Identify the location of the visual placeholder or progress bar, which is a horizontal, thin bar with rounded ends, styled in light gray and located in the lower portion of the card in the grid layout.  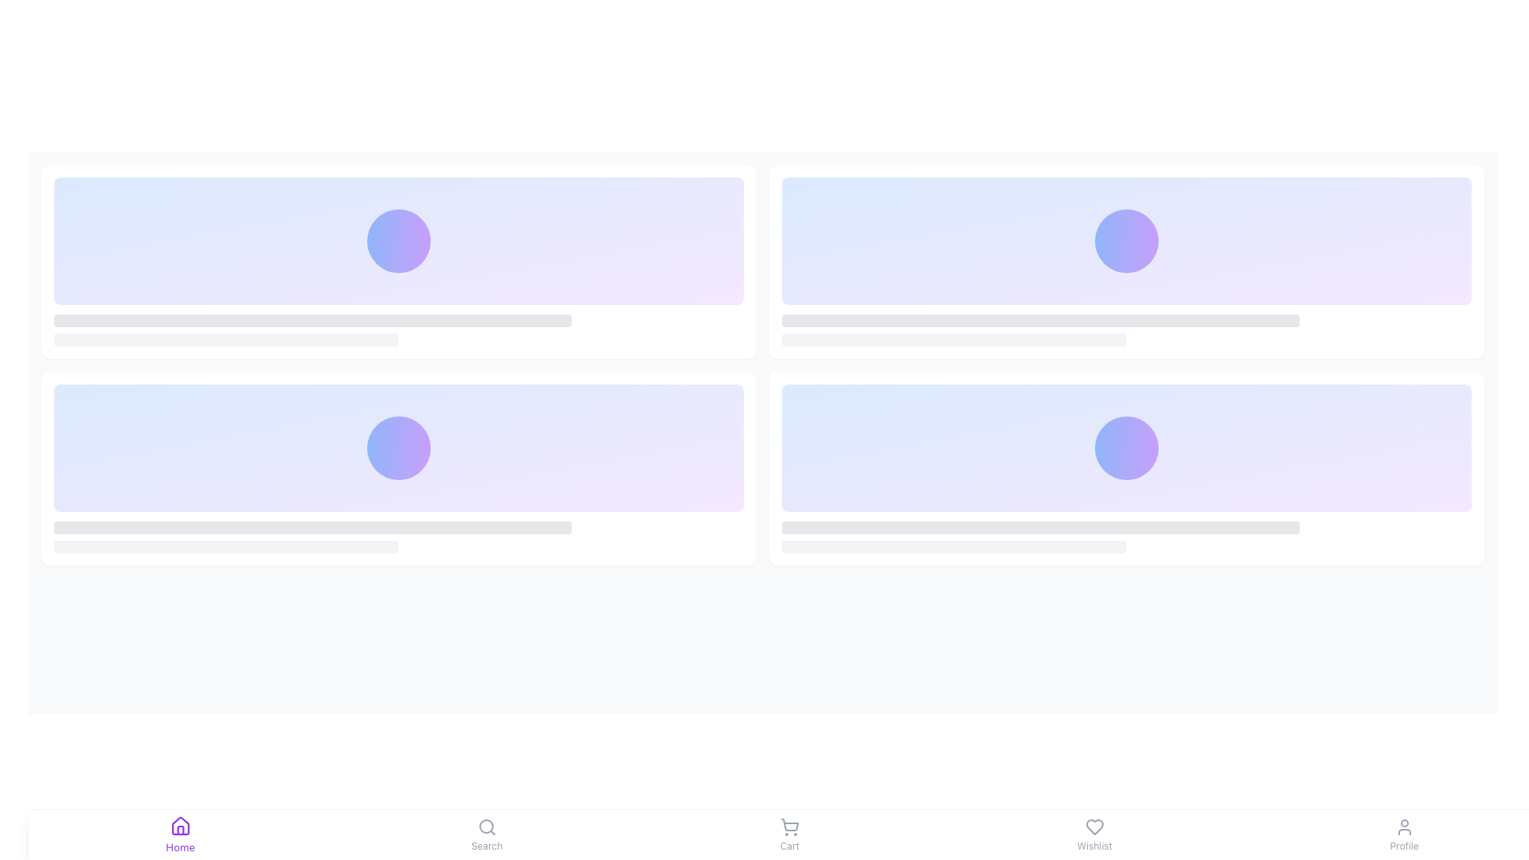
(1040, 528).